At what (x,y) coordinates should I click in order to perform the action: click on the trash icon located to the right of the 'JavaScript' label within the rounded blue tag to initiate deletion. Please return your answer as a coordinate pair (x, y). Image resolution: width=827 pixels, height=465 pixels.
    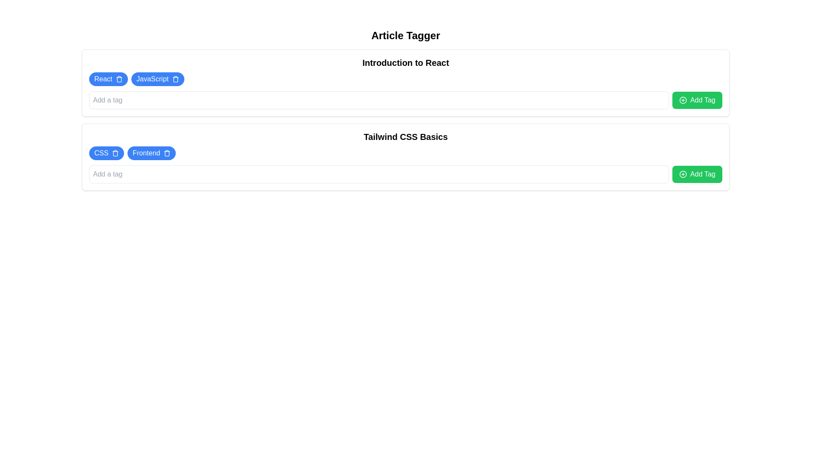
    Looking at the image, I should click on (175, 79).